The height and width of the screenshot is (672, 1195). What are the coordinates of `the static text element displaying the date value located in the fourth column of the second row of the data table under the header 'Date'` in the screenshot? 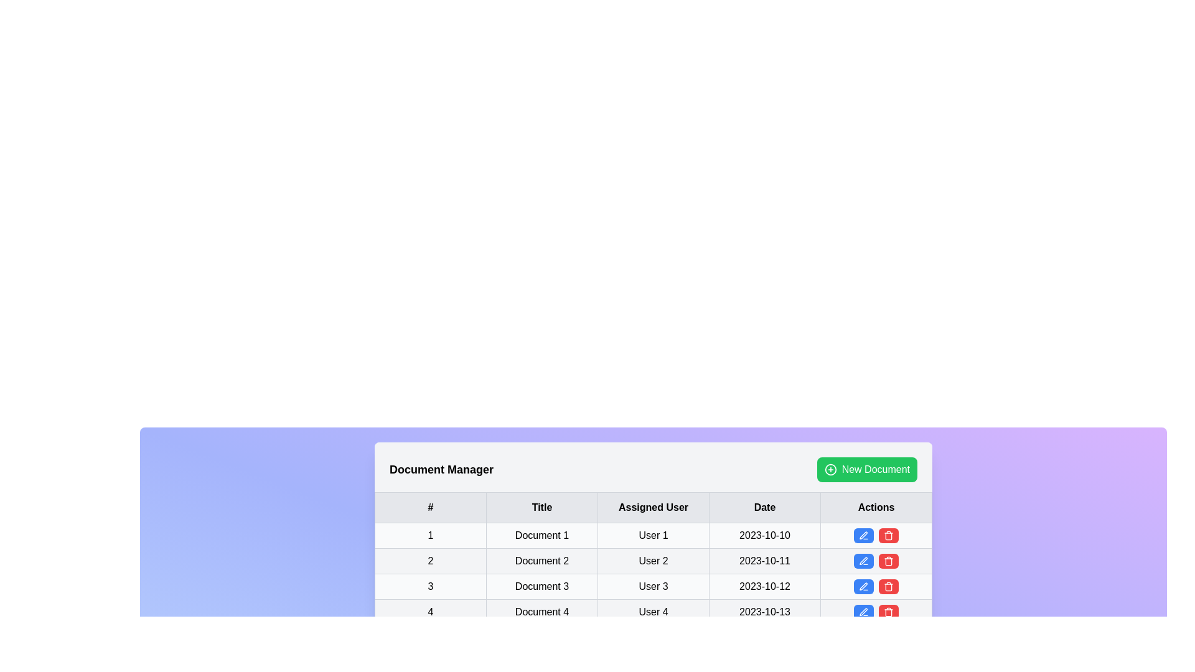 It's located at (764, 561).